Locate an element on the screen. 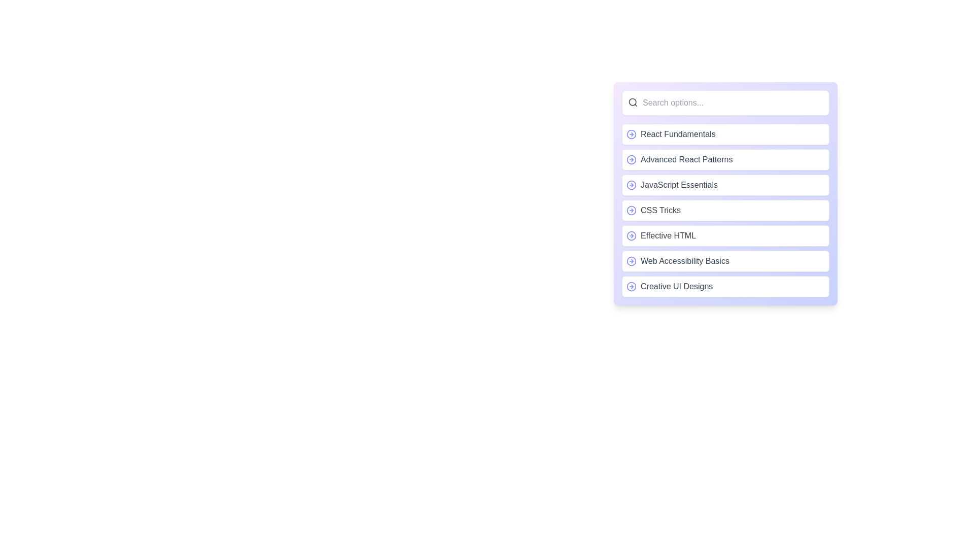 This screenshot has height=548, width=974. the third clickable list item for 'JavaScript Essentials' located centrally in the right panel, positioned below 'Advanced React Patterns' and above 'CSS Tricks' is located at coordinates (725, 193).